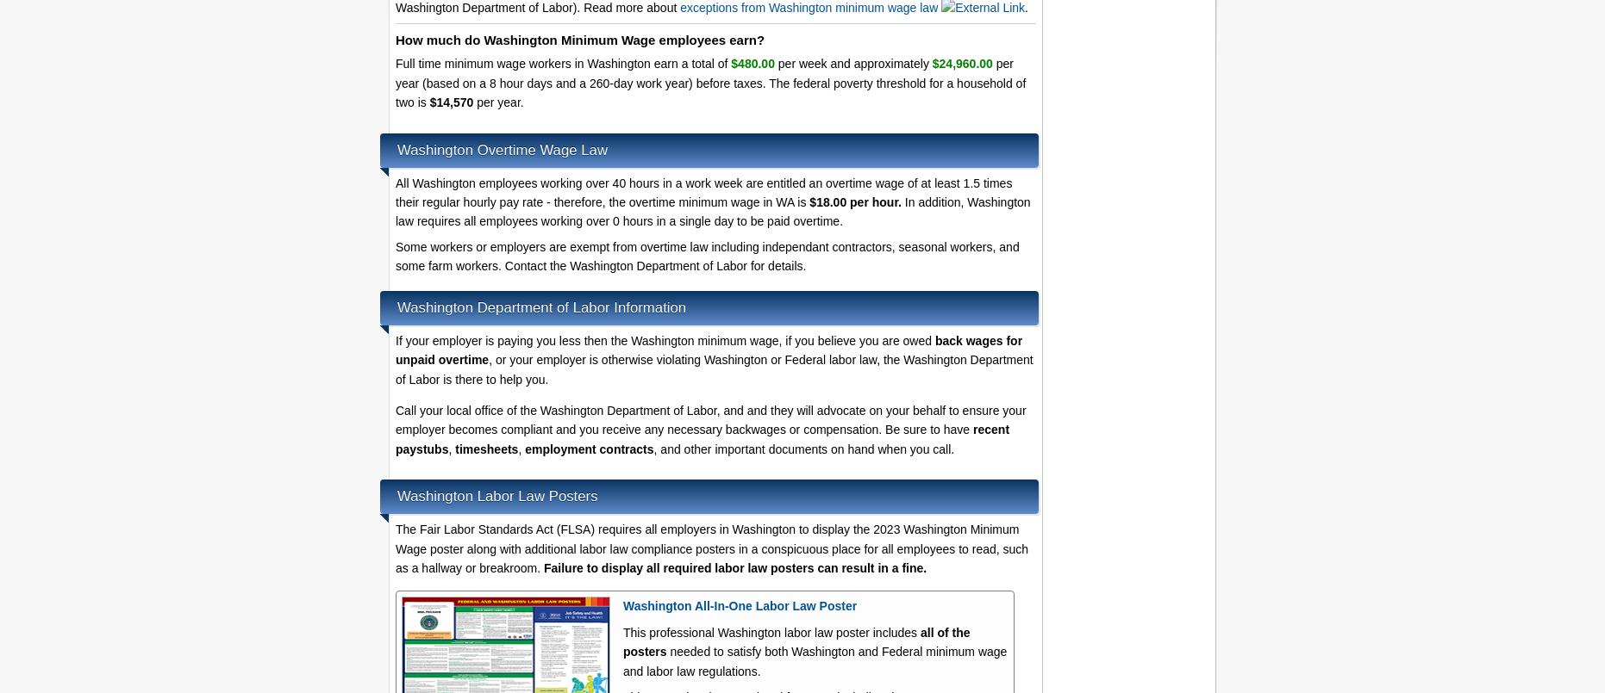  I want to click on 'back wages for unpaid overtime', so click(394, 349).